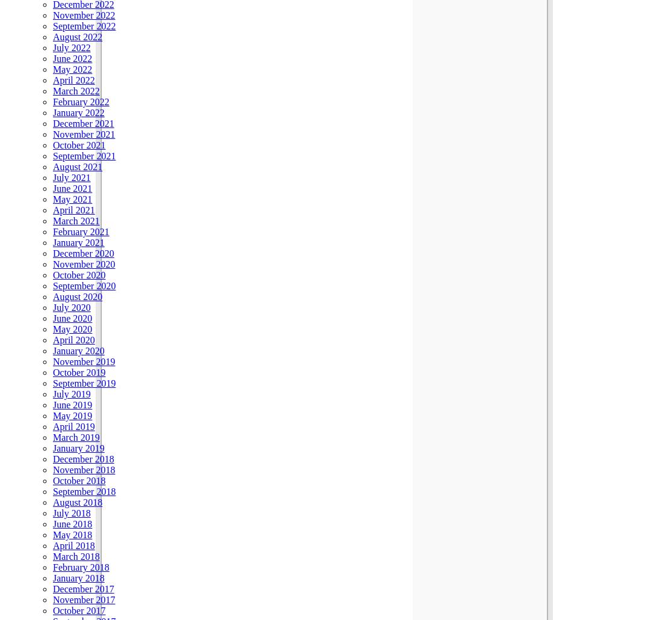  Describe the element at coordinates (84, 25) in the screenshot. I see `'September 2022'` at that location.